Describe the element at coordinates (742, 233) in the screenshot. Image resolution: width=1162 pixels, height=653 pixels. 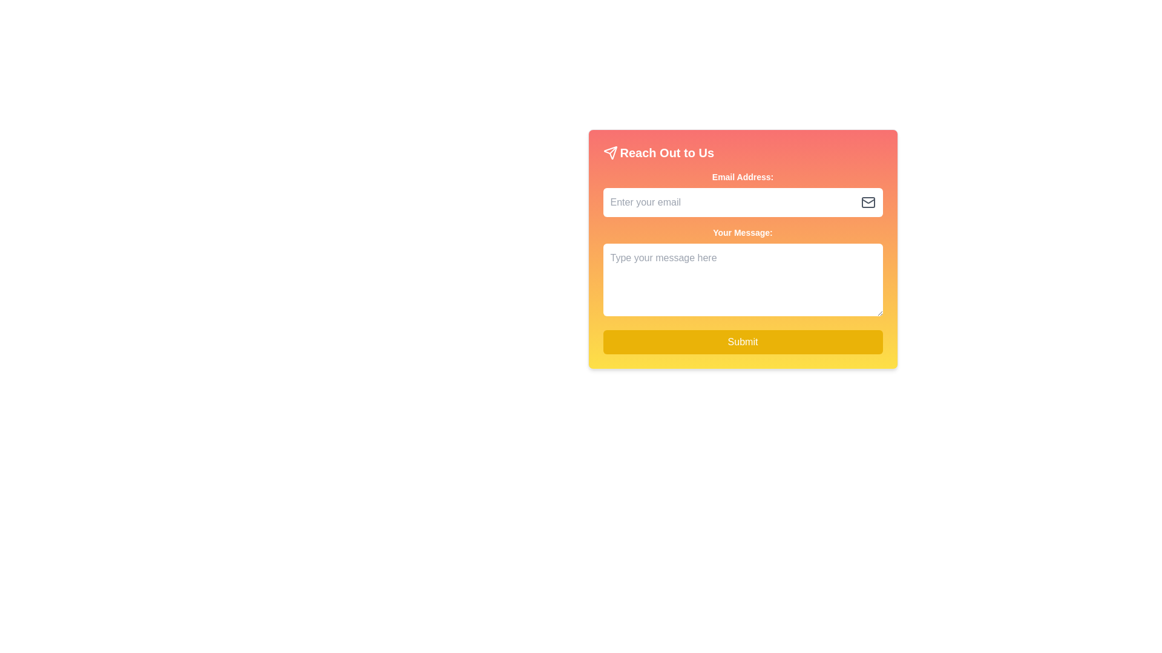
I see `the label that displays the bold white text 'Your Message:' which indicates the title for the following input field in the contact form` at that location.